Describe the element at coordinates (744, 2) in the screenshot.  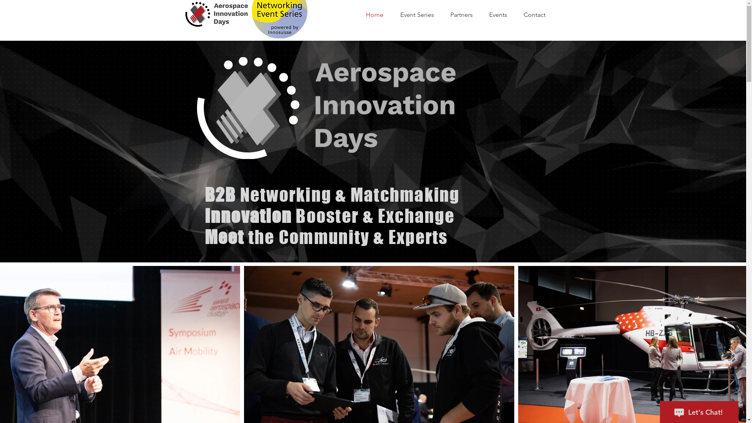
I see `'Visitor Analytics'` at that location.